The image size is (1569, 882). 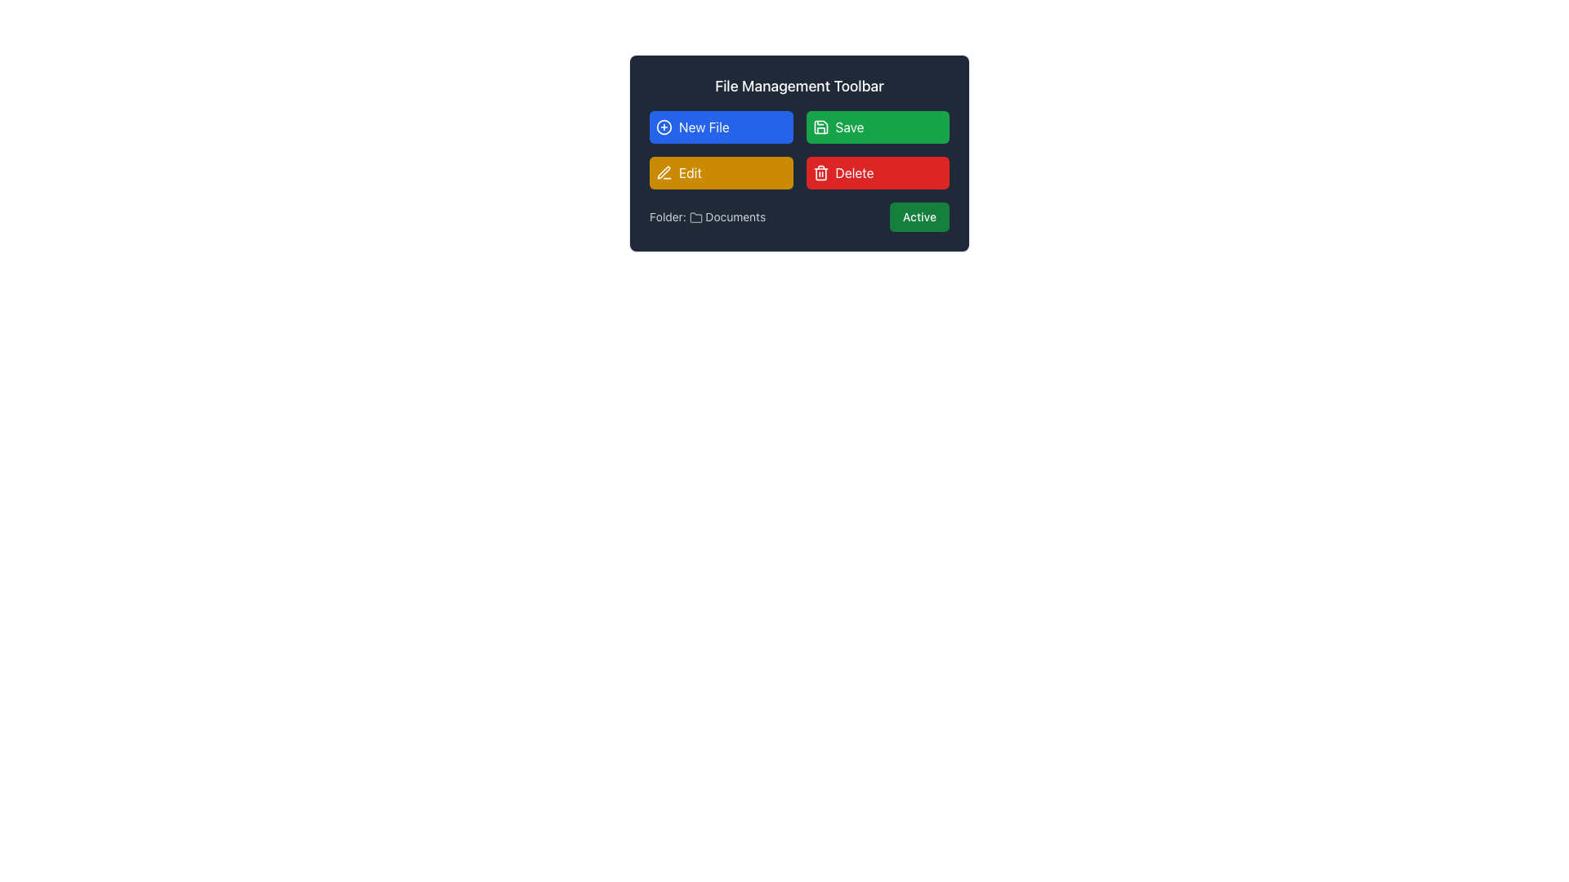 What do you see at coordinates (820, 126) in the screenshot?
I see `the 'Save' button that contains the folder icon, located in the top-right area of the file management toolbar` at bounding box center [820, 126].